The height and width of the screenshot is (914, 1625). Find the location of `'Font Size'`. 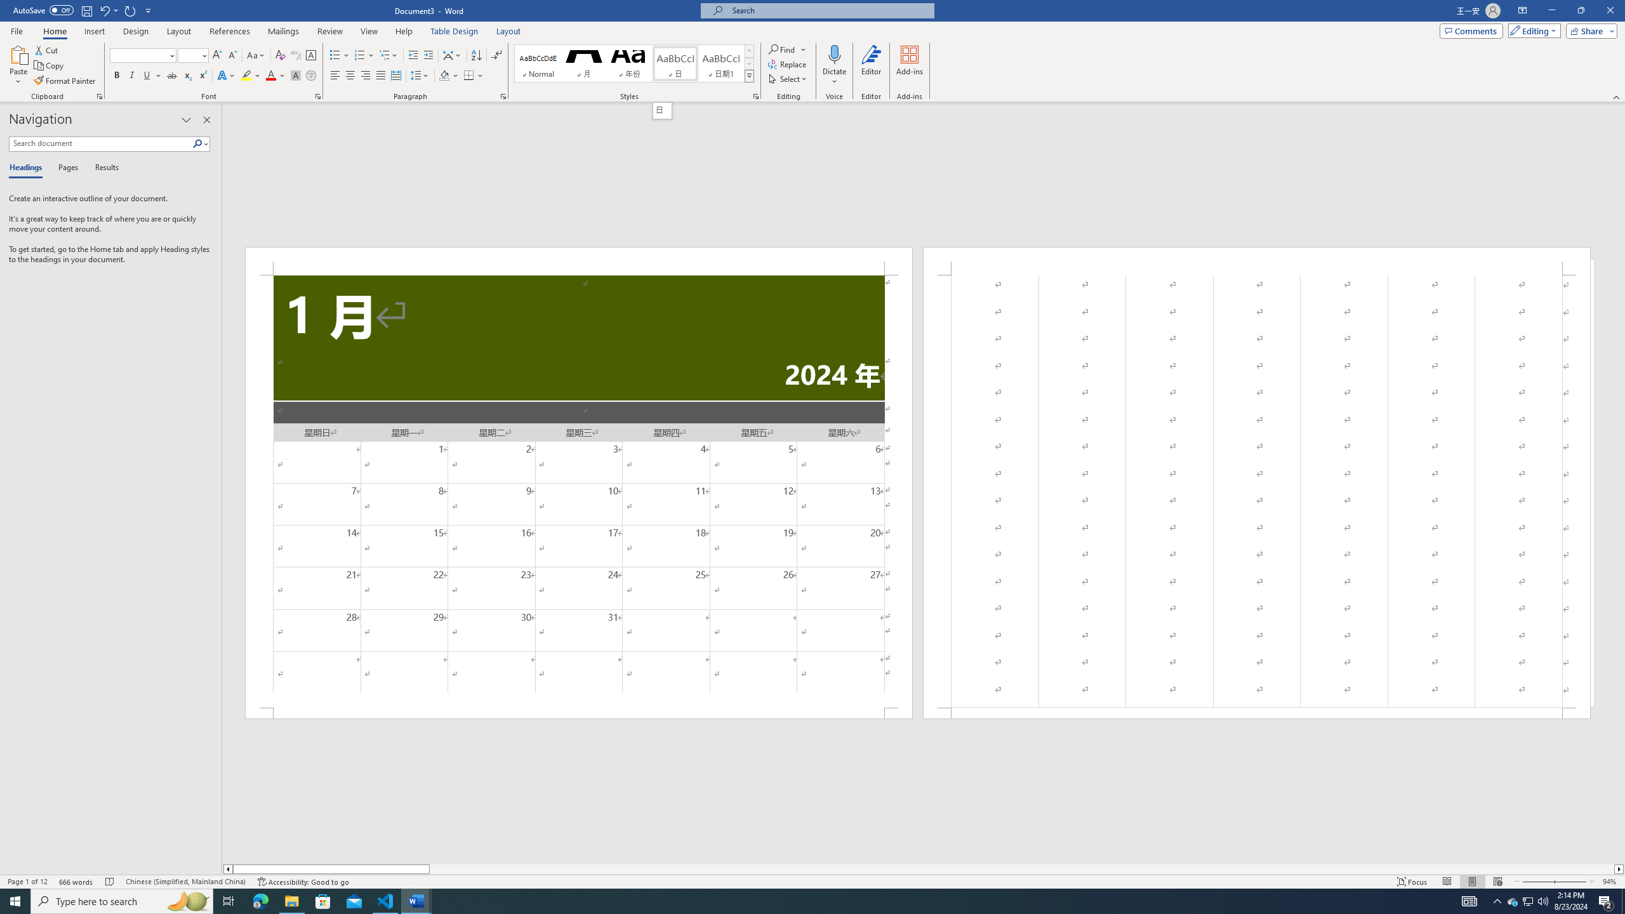

'Font Size' is located at coordinates (189, 55).